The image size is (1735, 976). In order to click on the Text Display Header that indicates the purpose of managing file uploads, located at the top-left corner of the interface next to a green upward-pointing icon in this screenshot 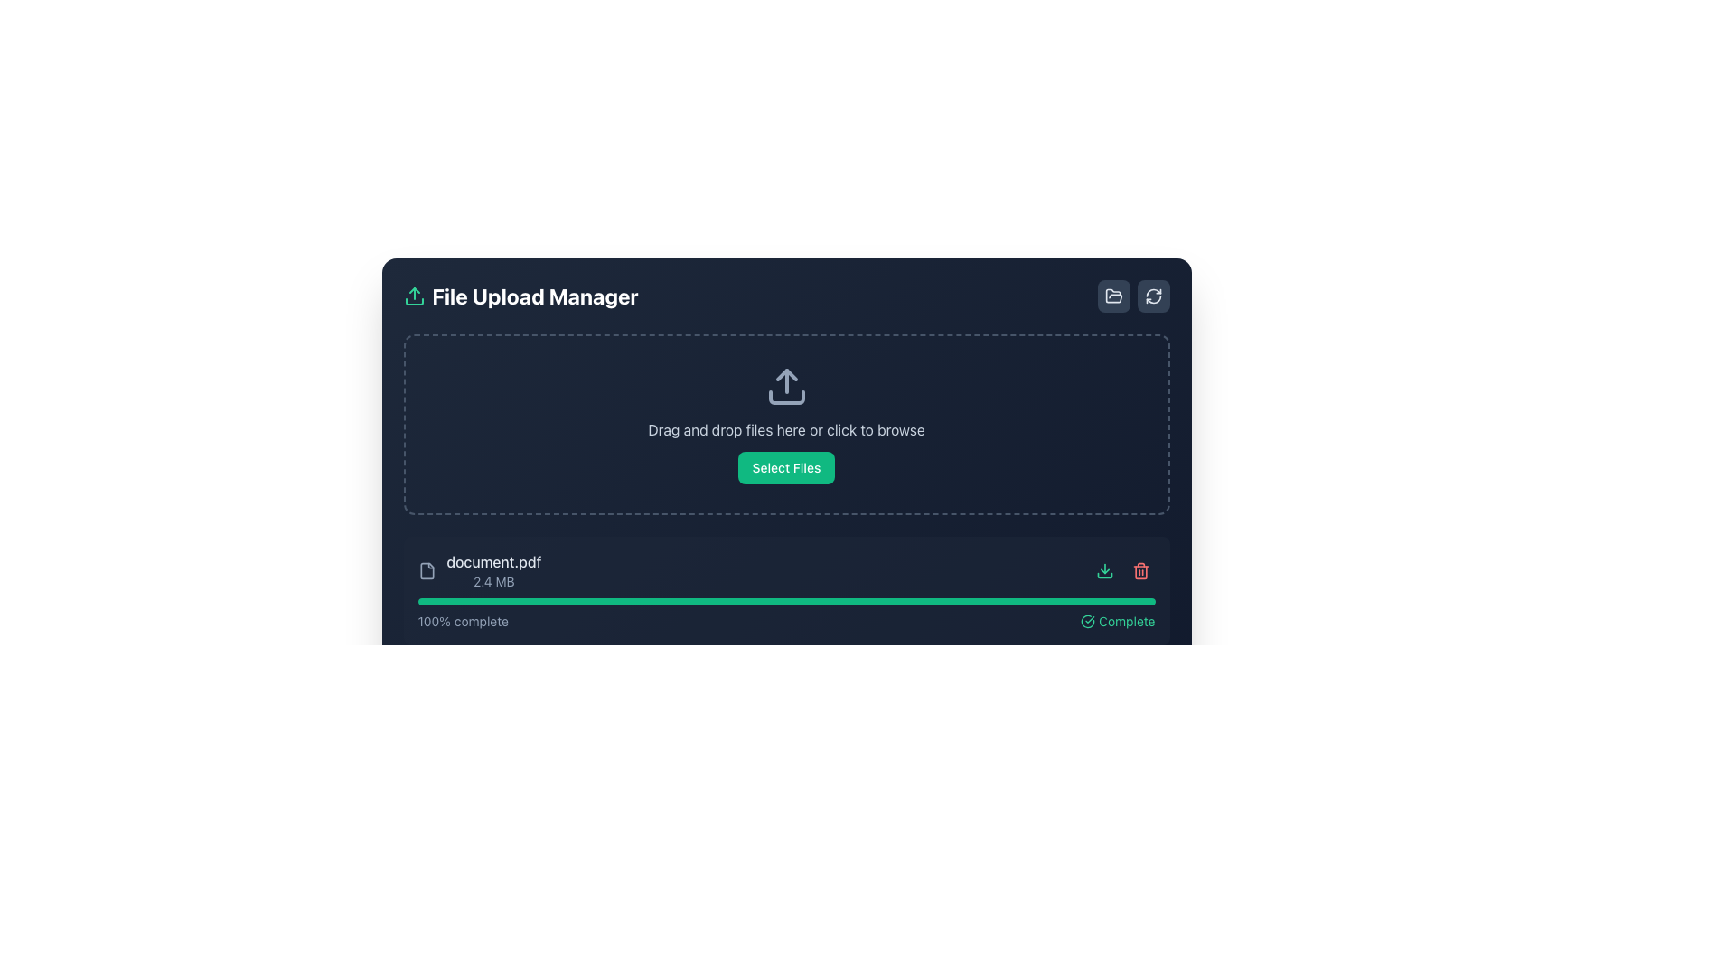, I will do `click(520, 295)`.